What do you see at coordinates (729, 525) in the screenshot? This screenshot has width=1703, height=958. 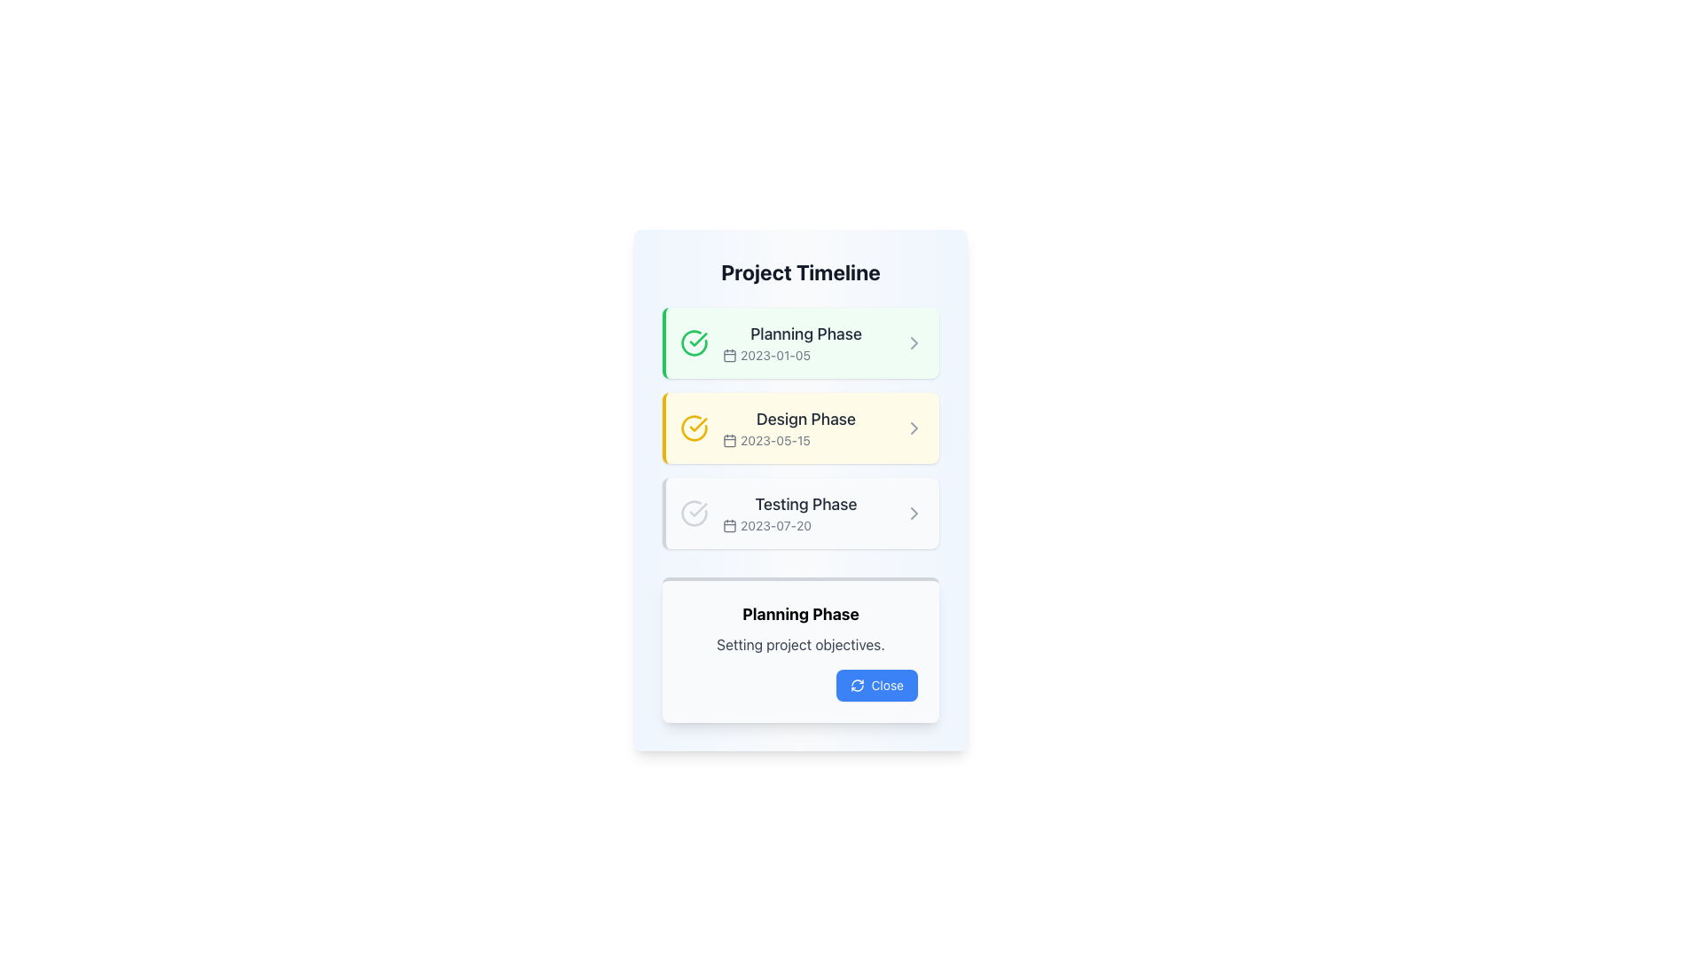 I see `the grayish-blue calendar icon located within the 'Testing Phase' timeline entry, positioned to the left of the date '2023-07-20'` at bounding box center [729, 525].